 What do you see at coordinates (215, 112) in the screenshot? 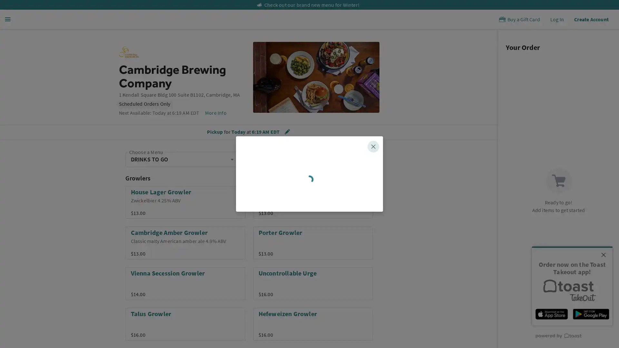
I see `More Info` at bounding box center [215, 112].